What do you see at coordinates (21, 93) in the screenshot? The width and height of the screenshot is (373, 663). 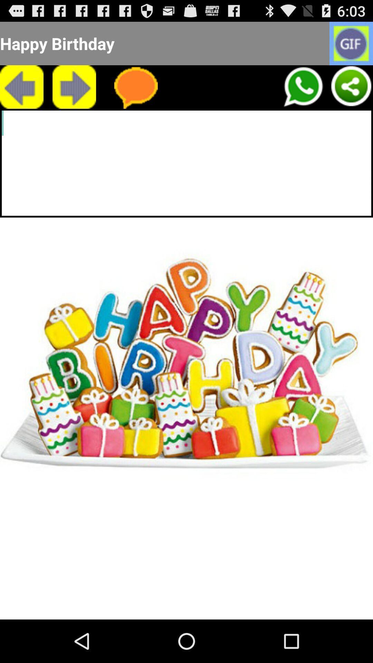 I see `the arrow_backward icon` at bounding box center [21, 93].